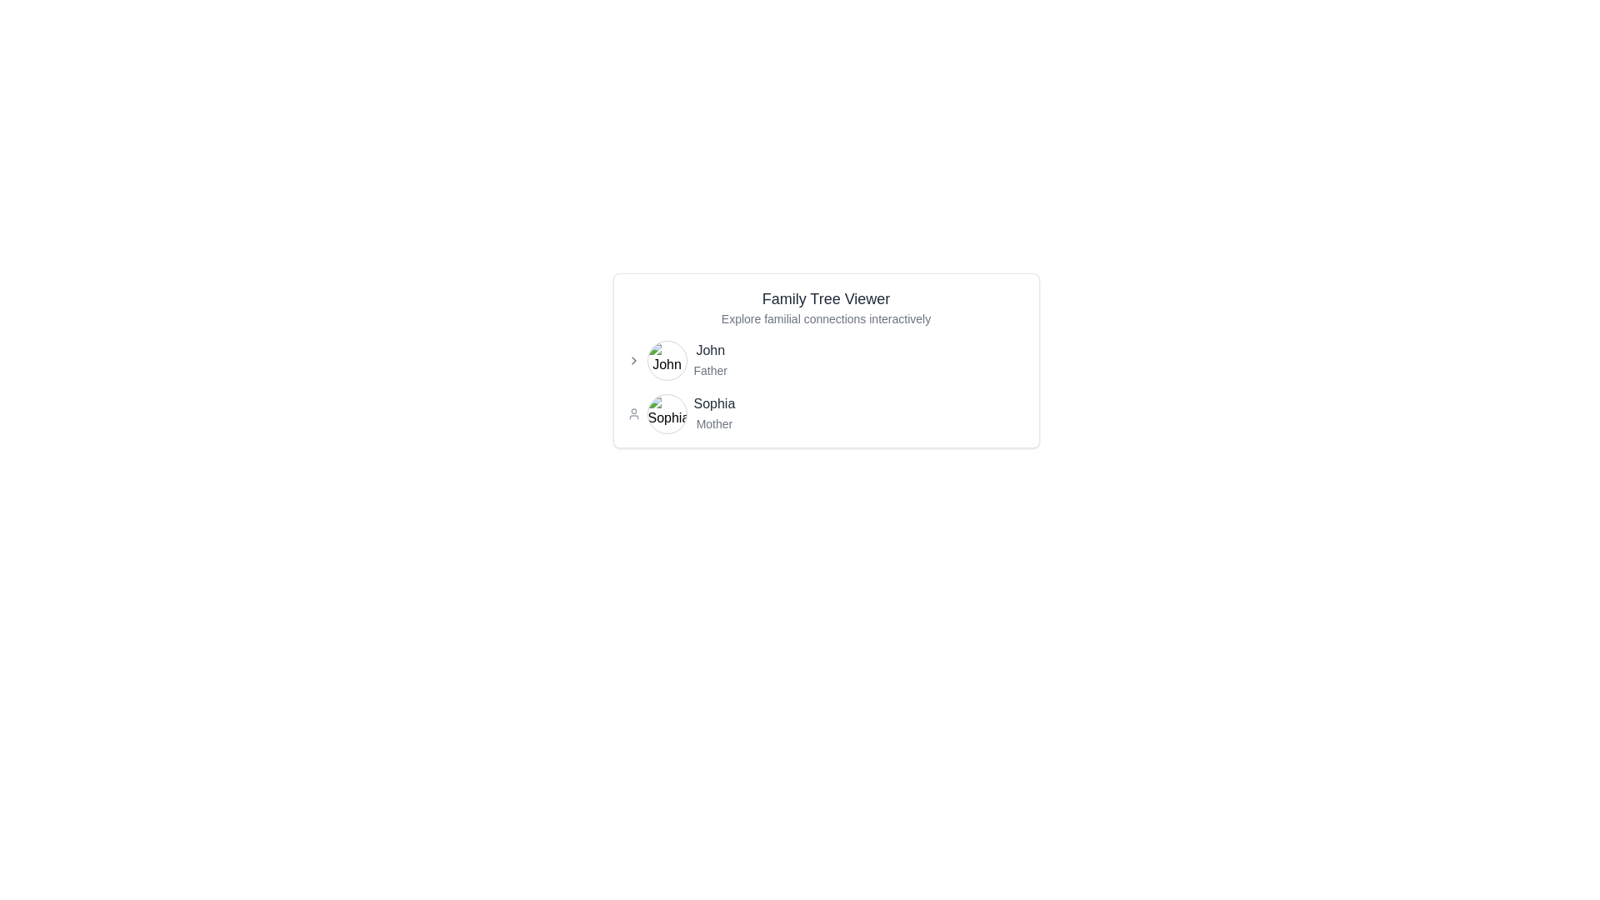 This screenshot has width=1600, height=900. I want to click on text information display showing 'John' and 'Father', which is aligned to the right of a circular profile picture in a family tree interface, so click(710, 359).